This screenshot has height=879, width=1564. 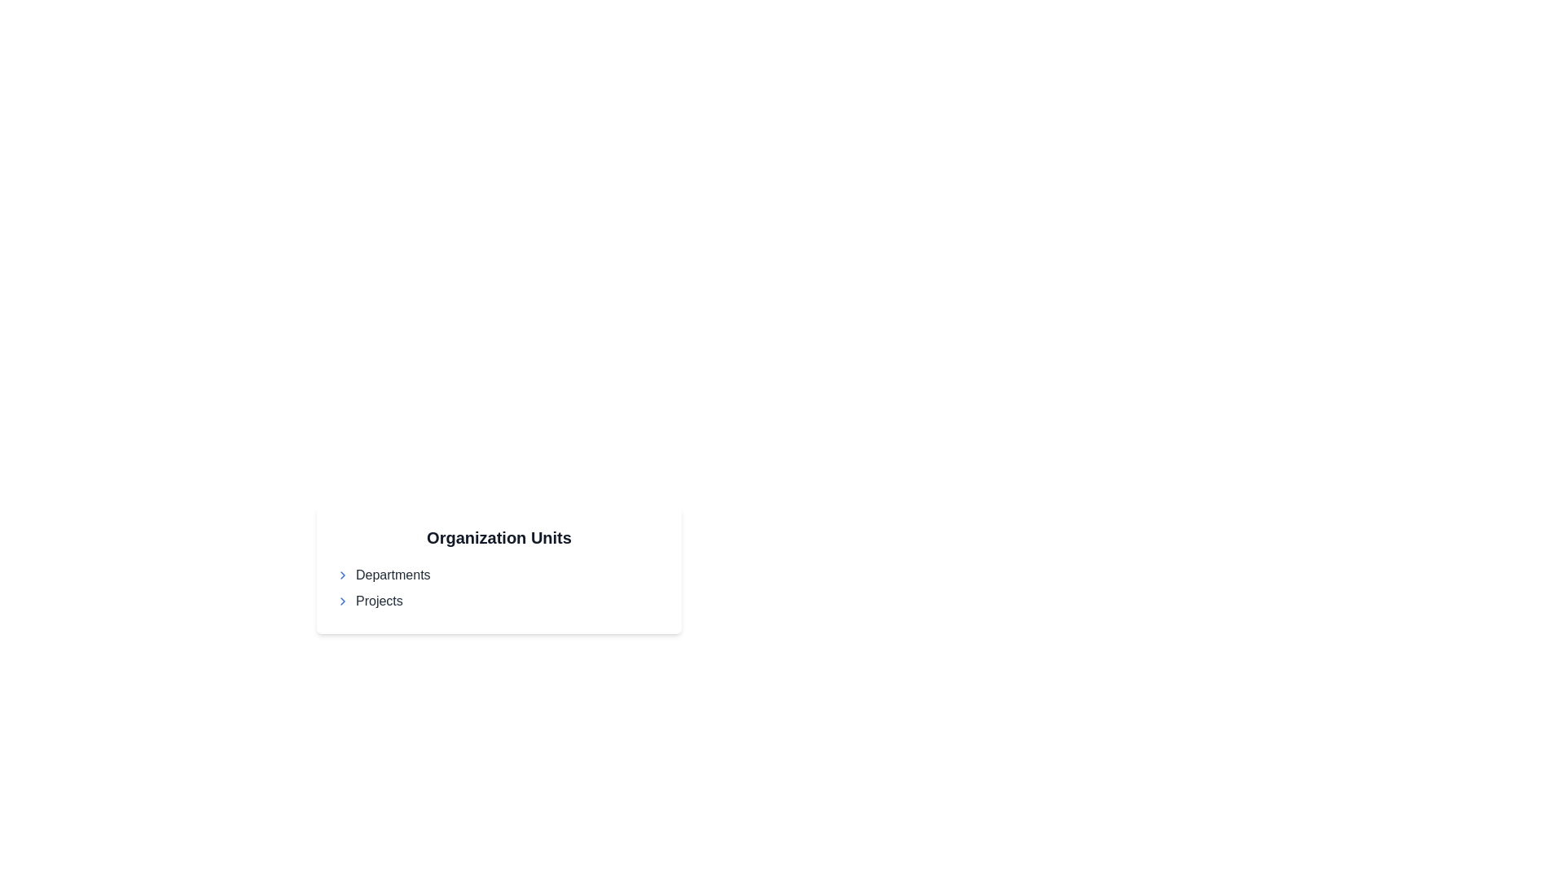 What do you see at coordinates (342, 601) in the screenshot?
I see `the arrow icon located to the left of the 'Projects' text` at bounding box center [342, 601].